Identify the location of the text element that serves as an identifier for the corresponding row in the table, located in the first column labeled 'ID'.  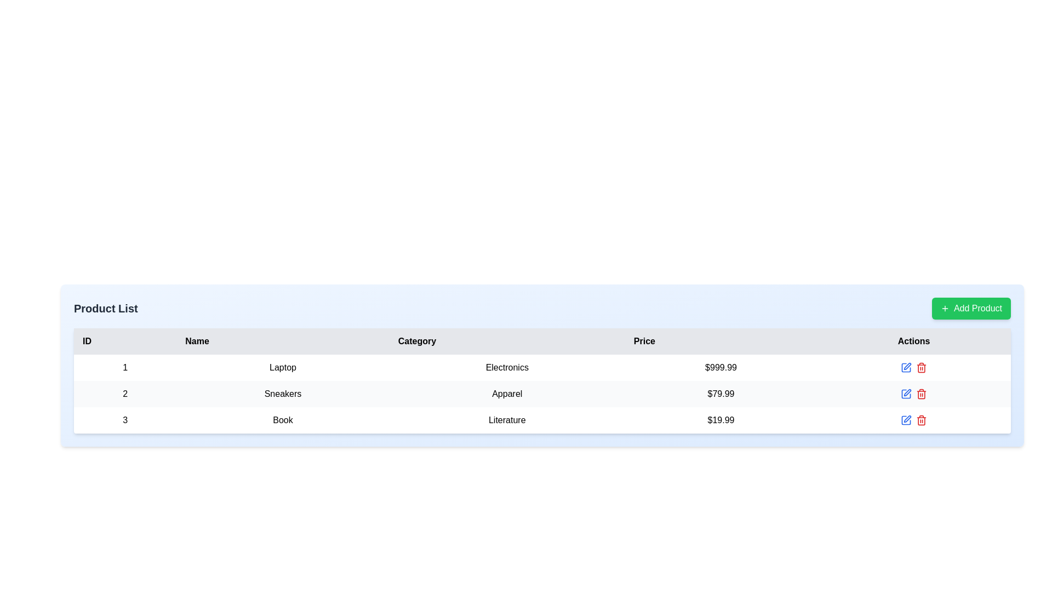
(125, 368).